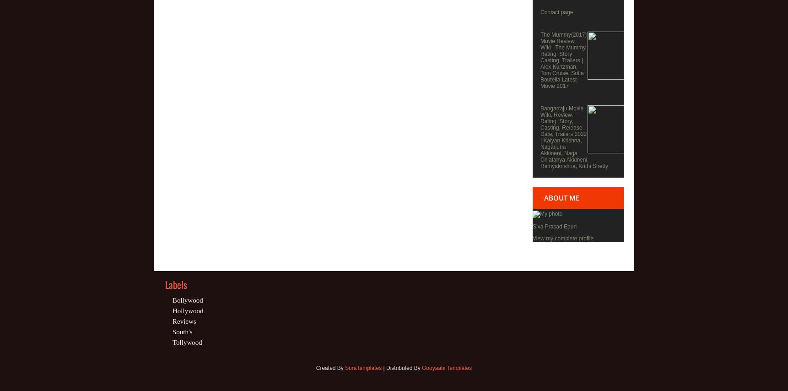 The height and width of the screenshot is (391, 788). Describe the element at coordinates (330, 368) in the screenshot. I see `'Created By'` at that location.